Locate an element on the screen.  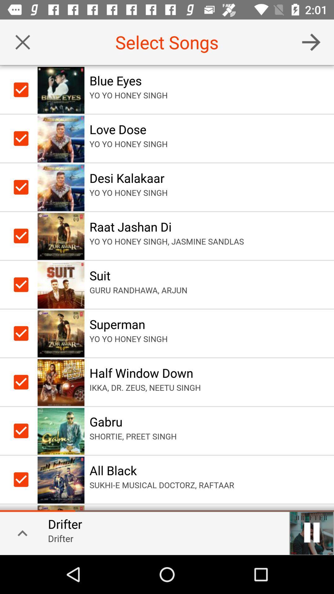
the image of superman is located at coordinates (61, 333).